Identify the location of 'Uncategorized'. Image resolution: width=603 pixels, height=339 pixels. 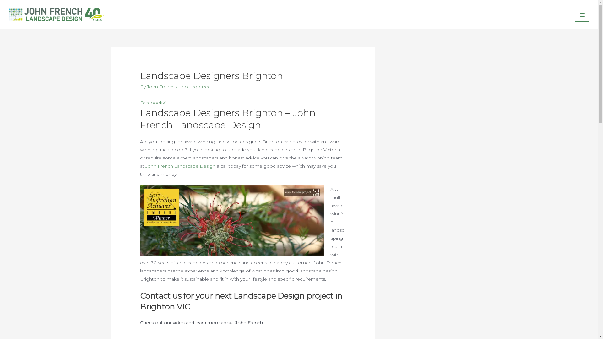
(194, 87).